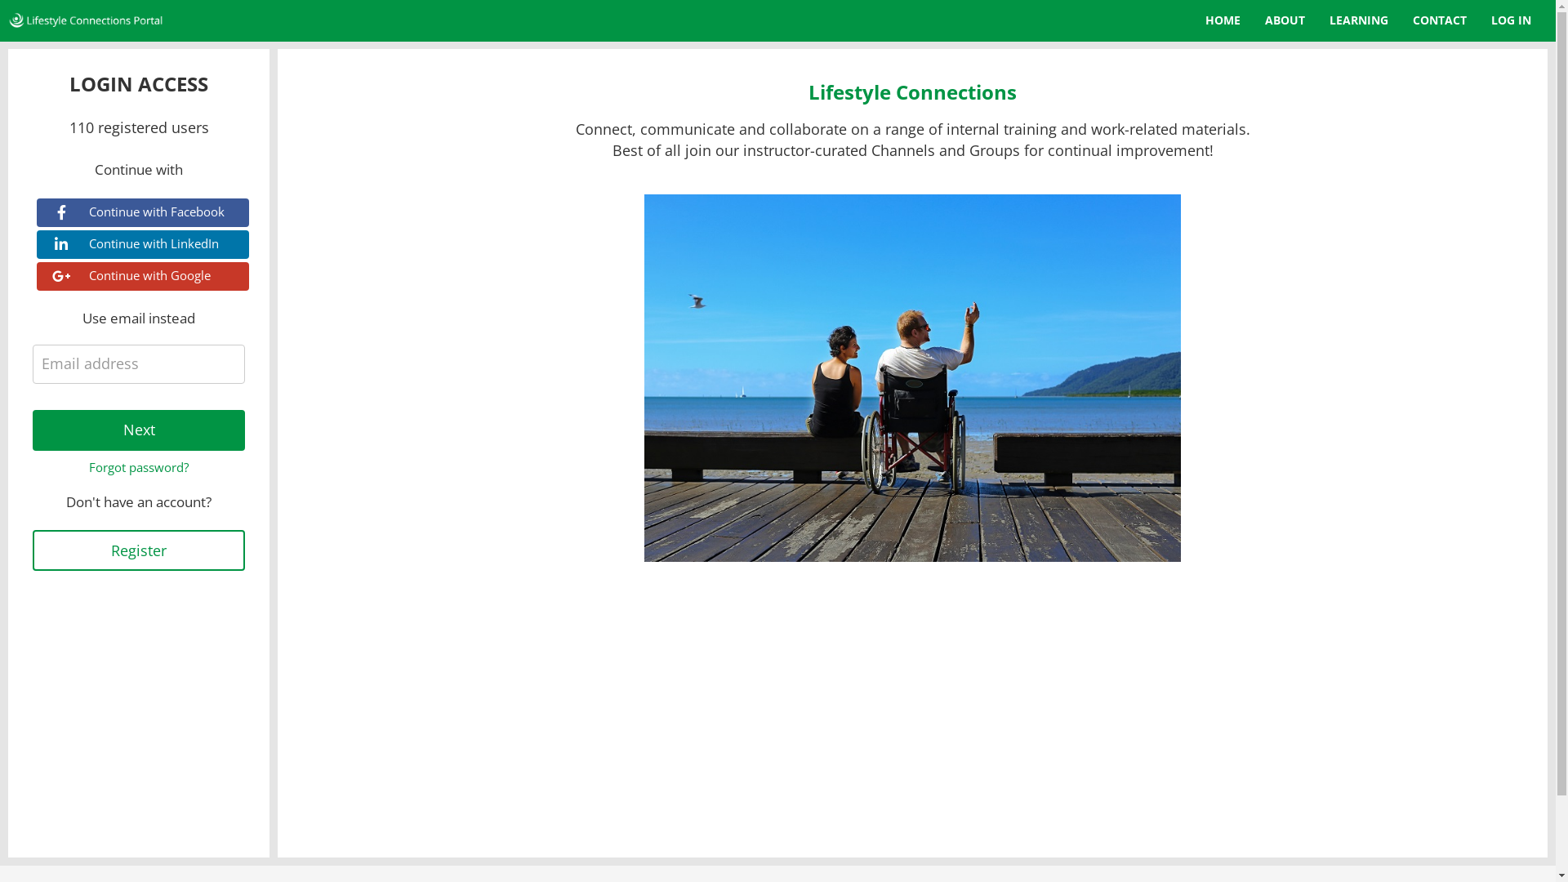 This screenshot has height=882, width=1568. I want to click on 'Forgot password?', so click(138, 467).